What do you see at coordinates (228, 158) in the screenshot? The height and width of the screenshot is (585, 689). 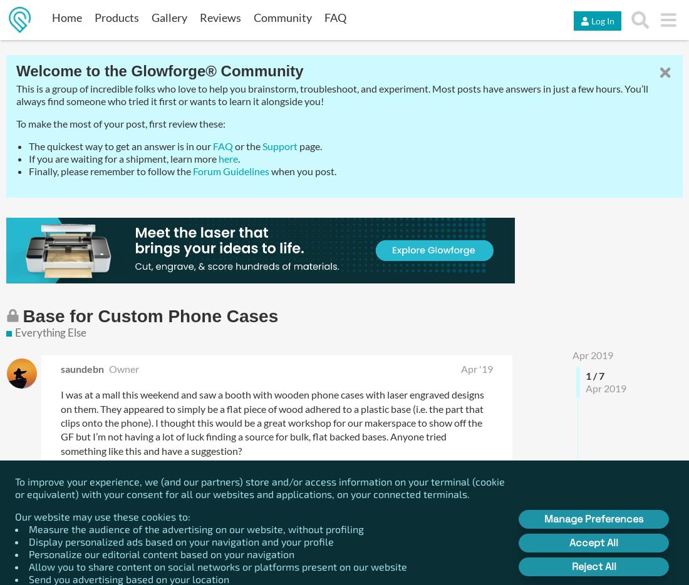 I see `'here'` at bounding box center [228, 158].